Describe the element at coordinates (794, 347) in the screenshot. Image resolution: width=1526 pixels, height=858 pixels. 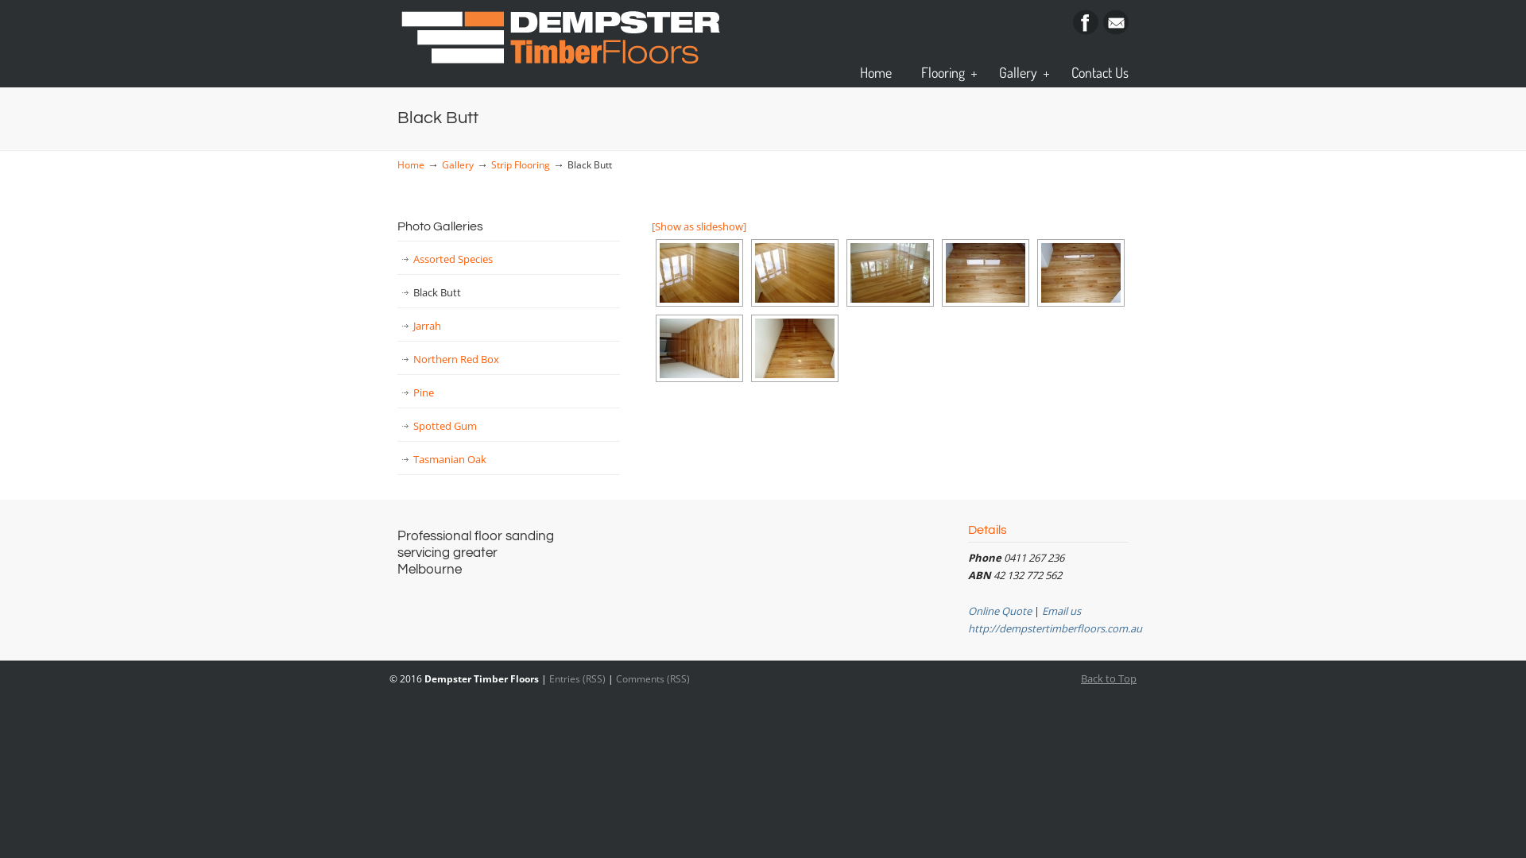
I see `'OLYMPUS DIGITAL CAMERA'` at that location.